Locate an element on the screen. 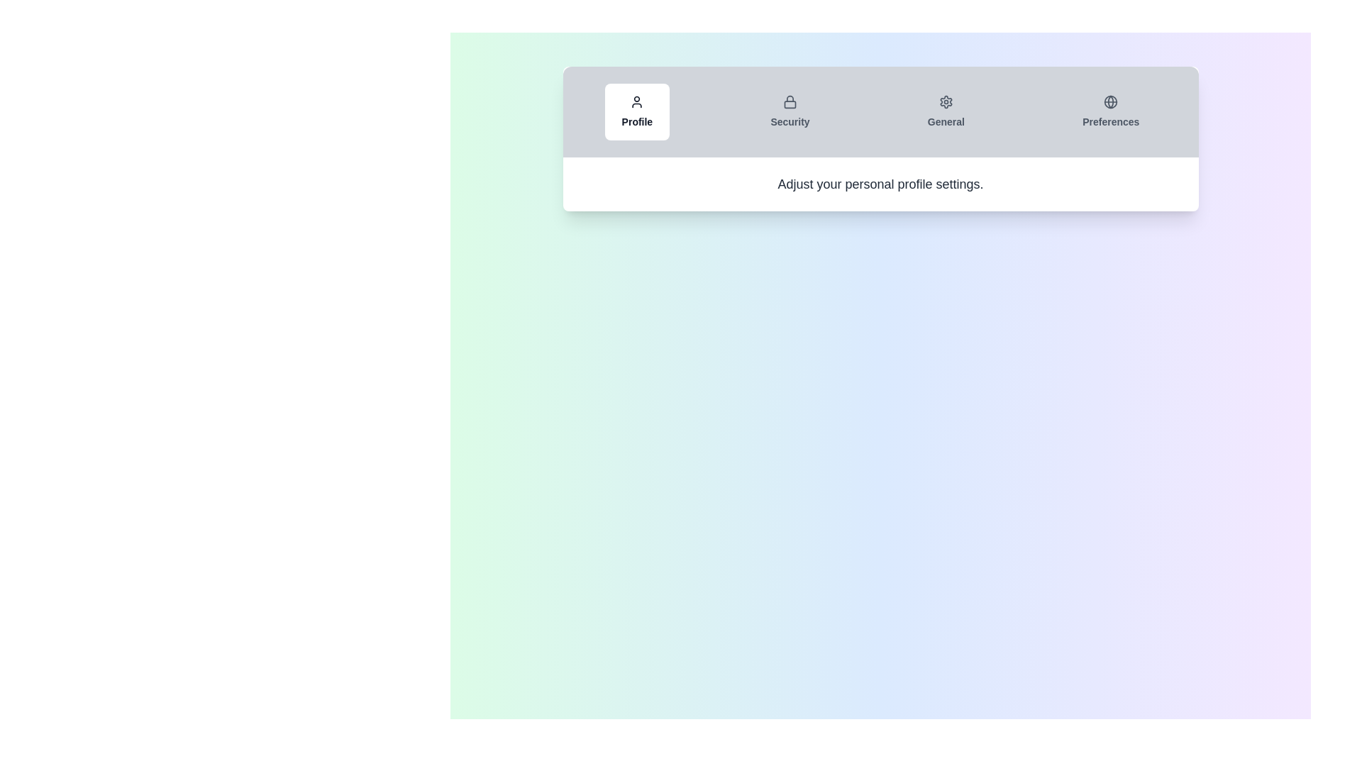 The image size is (1362, 766). the Profile tab to view its content is located at coordinates (636, 111).